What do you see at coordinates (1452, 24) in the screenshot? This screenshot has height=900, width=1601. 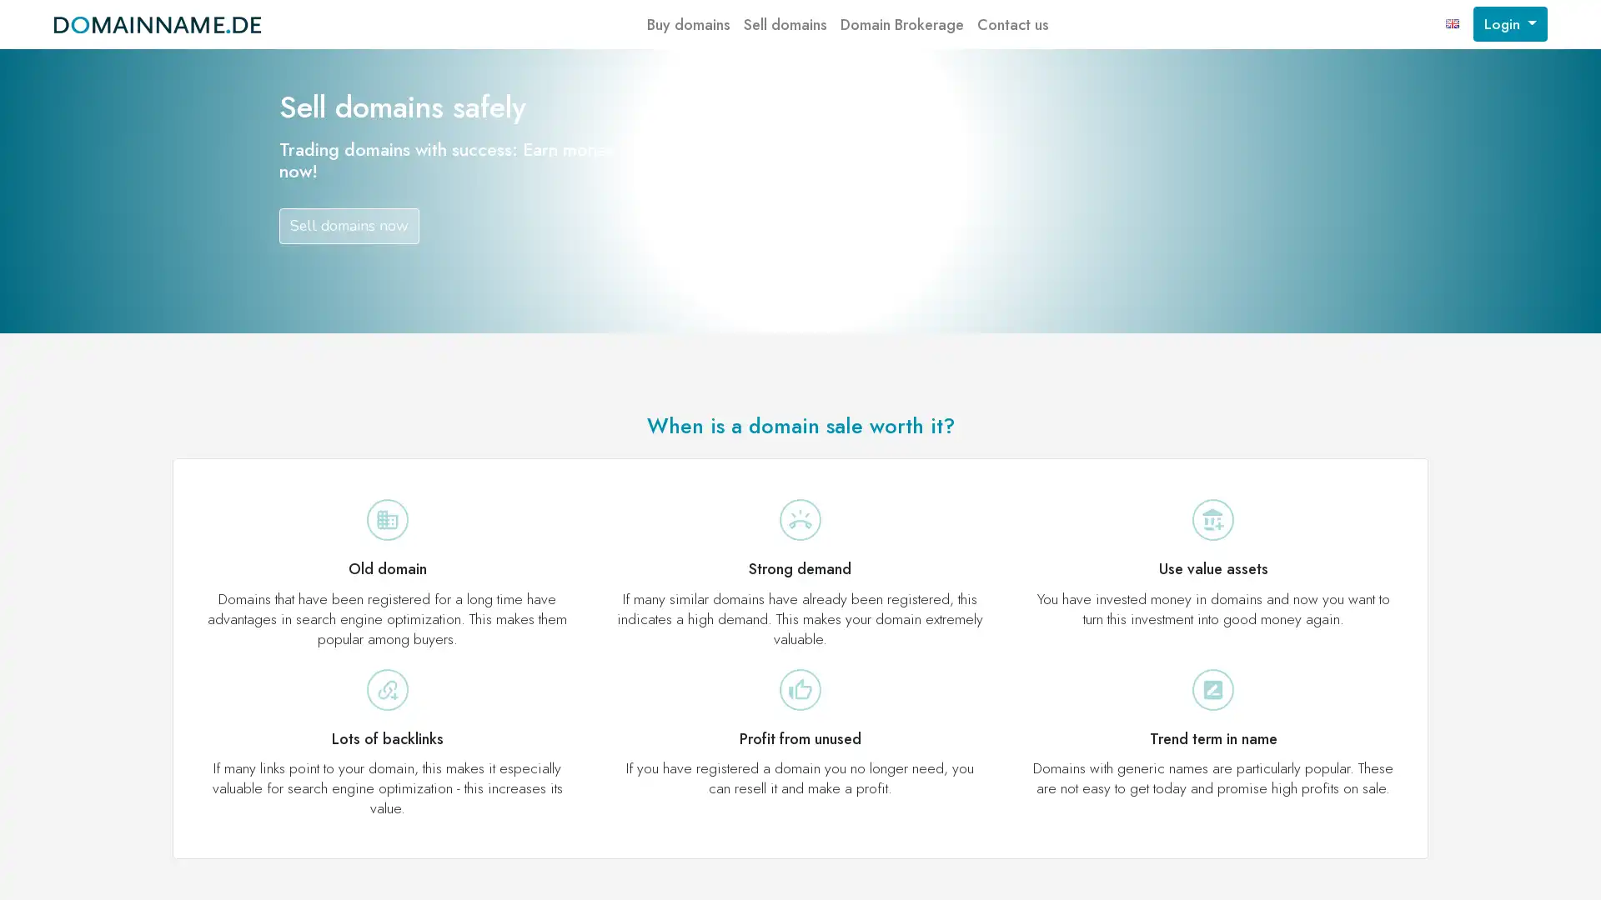 I see `english` at bounding box center [1452, 24].